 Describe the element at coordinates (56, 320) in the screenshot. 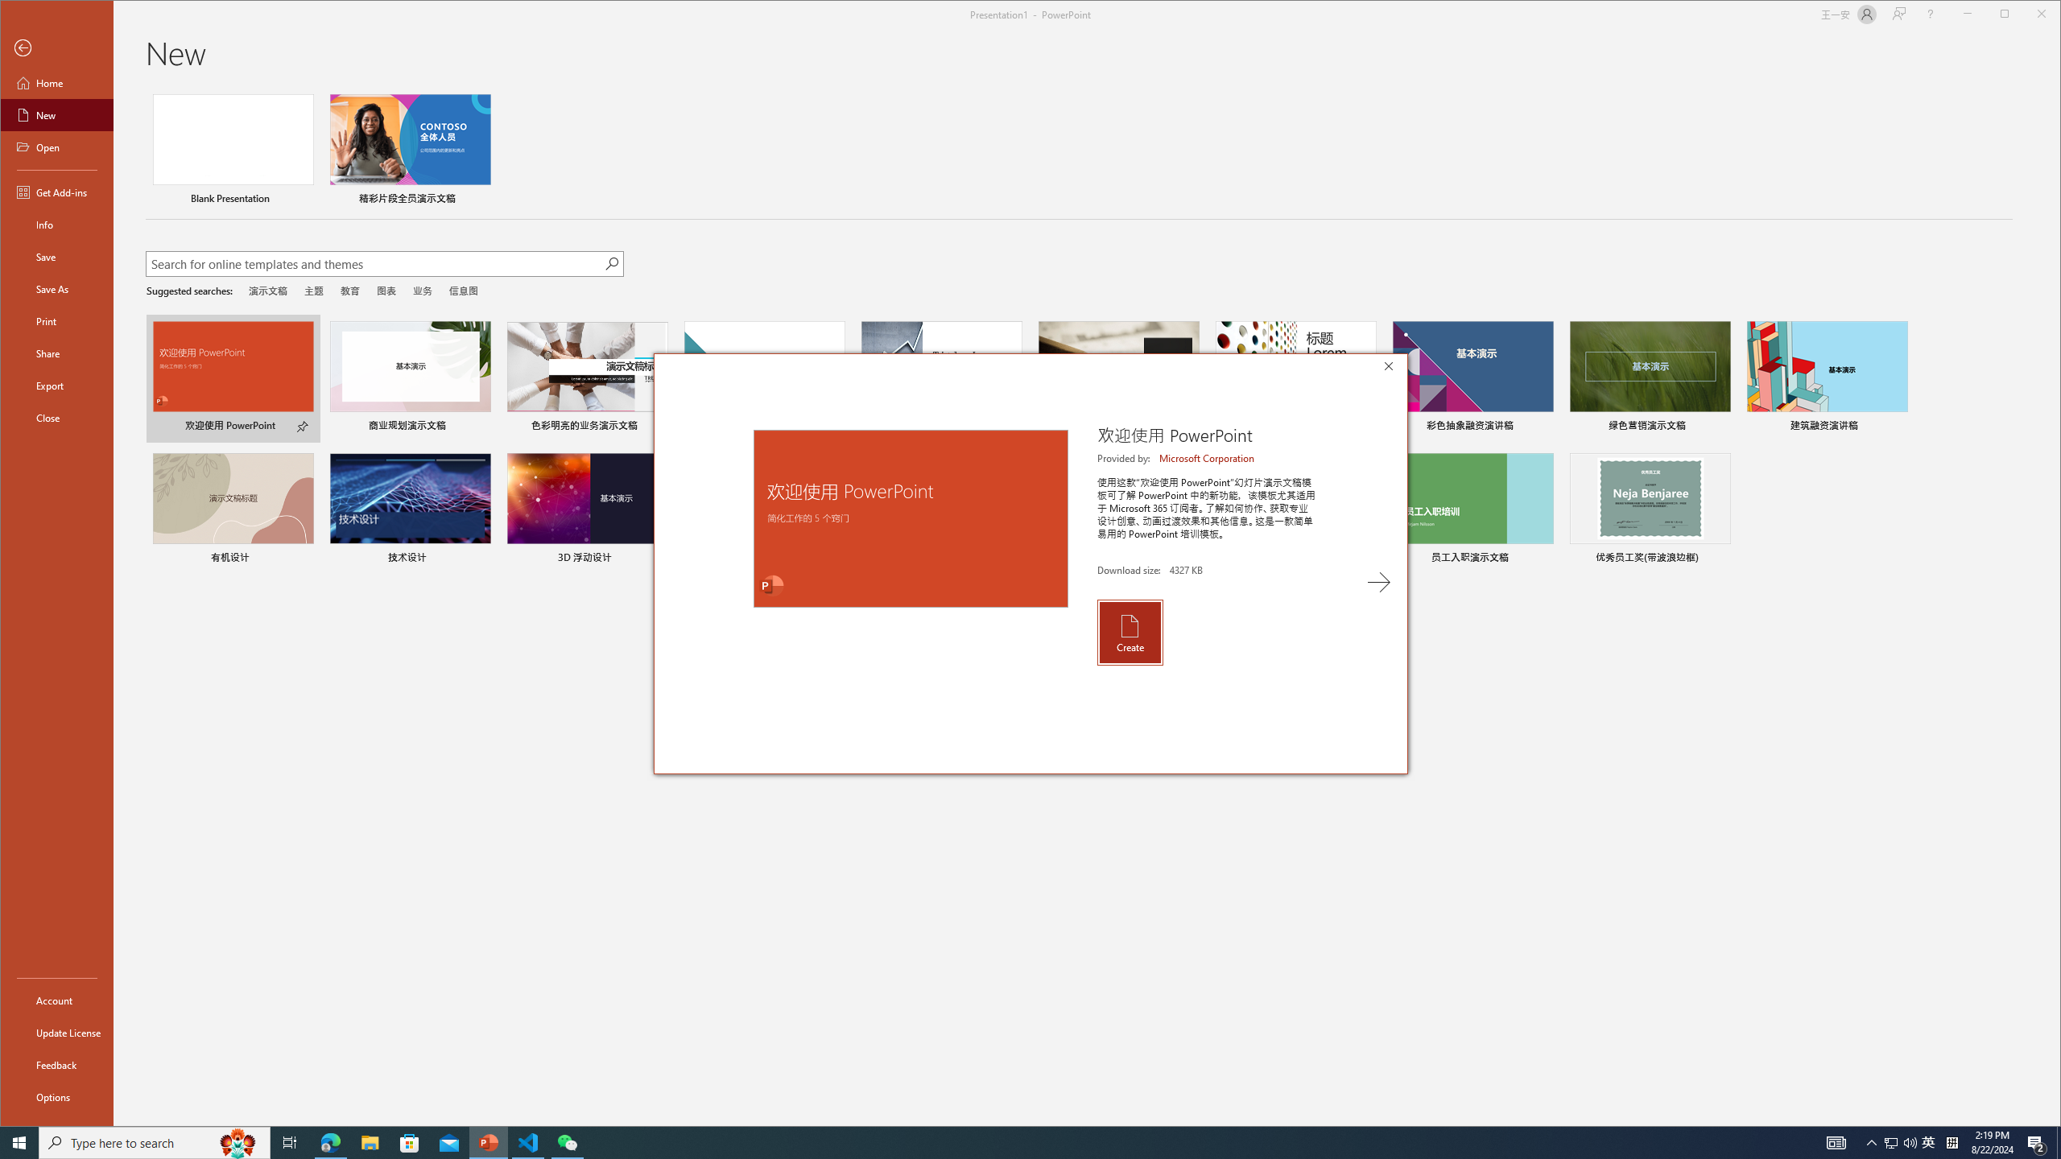

I see `'Print'` at that location.